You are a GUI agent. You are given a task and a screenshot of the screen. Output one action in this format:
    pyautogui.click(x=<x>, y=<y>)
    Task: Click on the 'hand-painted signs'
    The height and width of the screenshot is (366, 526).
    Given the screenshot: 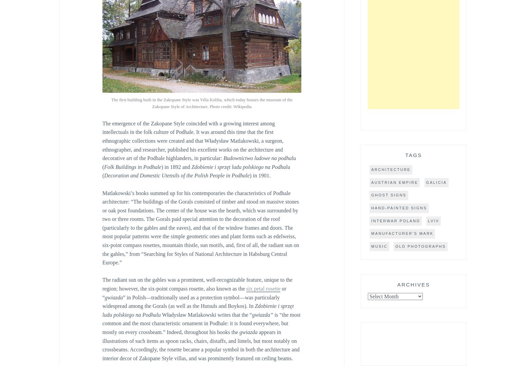 What is the action you would take?
    pyautogui.click(x=371, y=207)
    